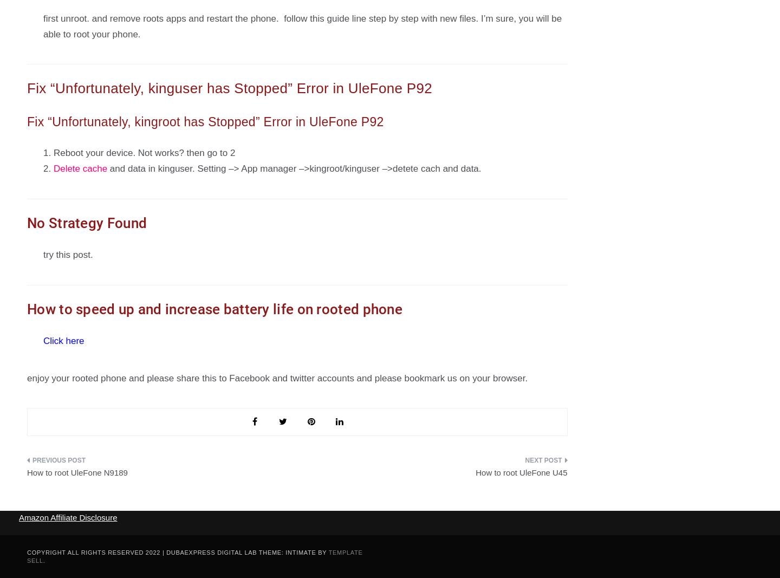 The height and width of the screenshot is (578, 780). I want to click on 'How to speed up and increase battery life on rooted phone', so click(214, 308).